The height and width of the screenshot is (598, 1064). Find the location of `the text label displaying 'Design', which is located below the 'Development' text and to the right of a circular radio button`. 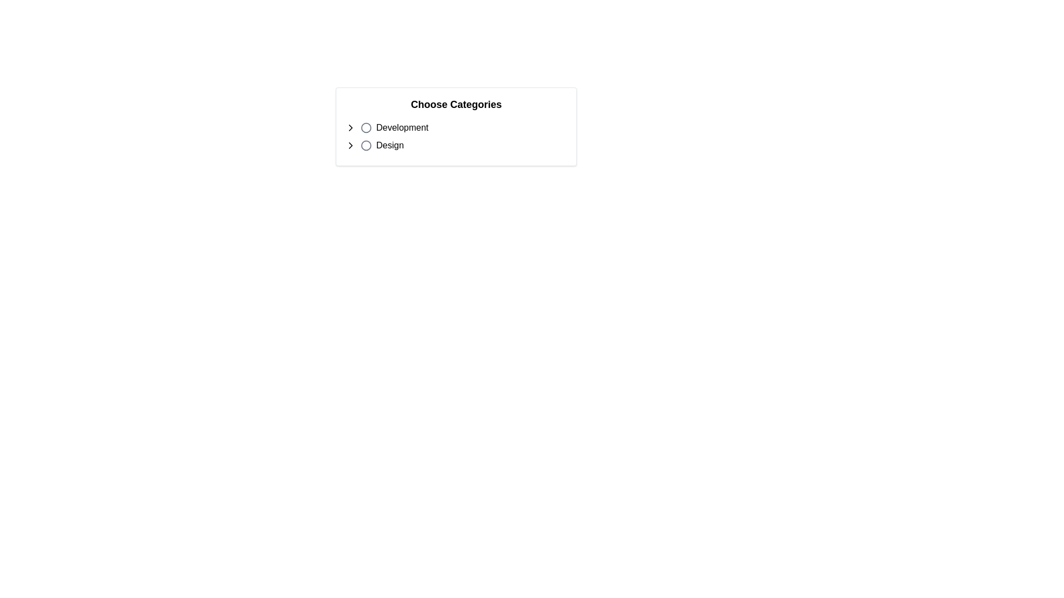

the text label displaying 'Design', which is located below the 'Development' text and to the right of a circular radio button is located at coordinates (390, 145).